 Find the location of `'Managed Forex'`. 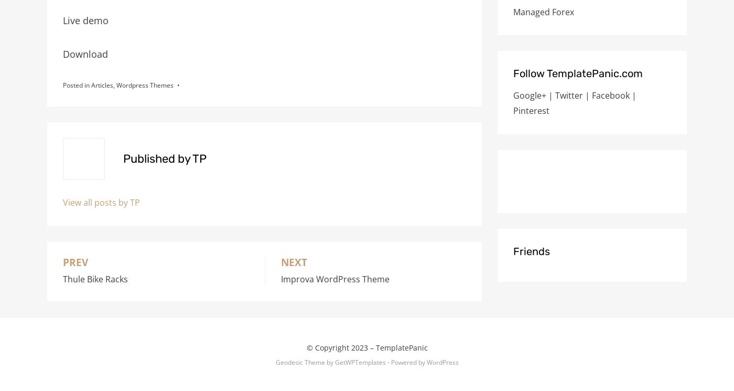

'Managed Forex' is located at coordinates (513, 11).